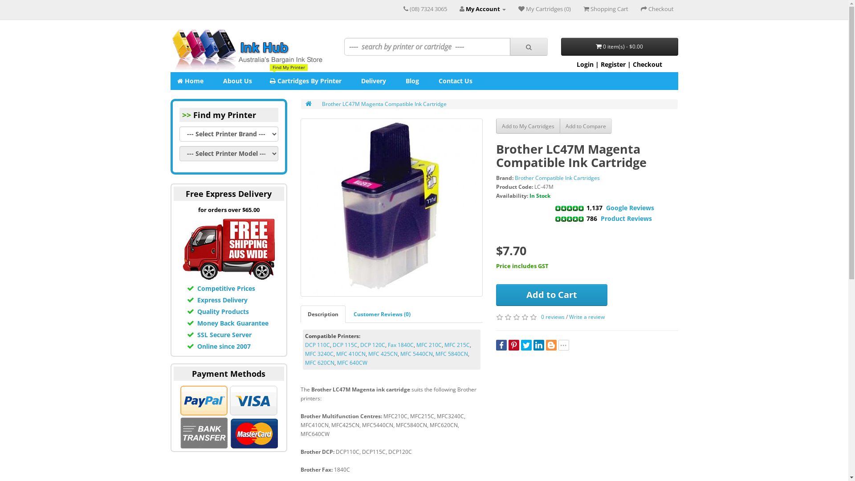  Describe the element at coordinates (434, 81) in the screenshot. I see `'Contact Us'` at that location.